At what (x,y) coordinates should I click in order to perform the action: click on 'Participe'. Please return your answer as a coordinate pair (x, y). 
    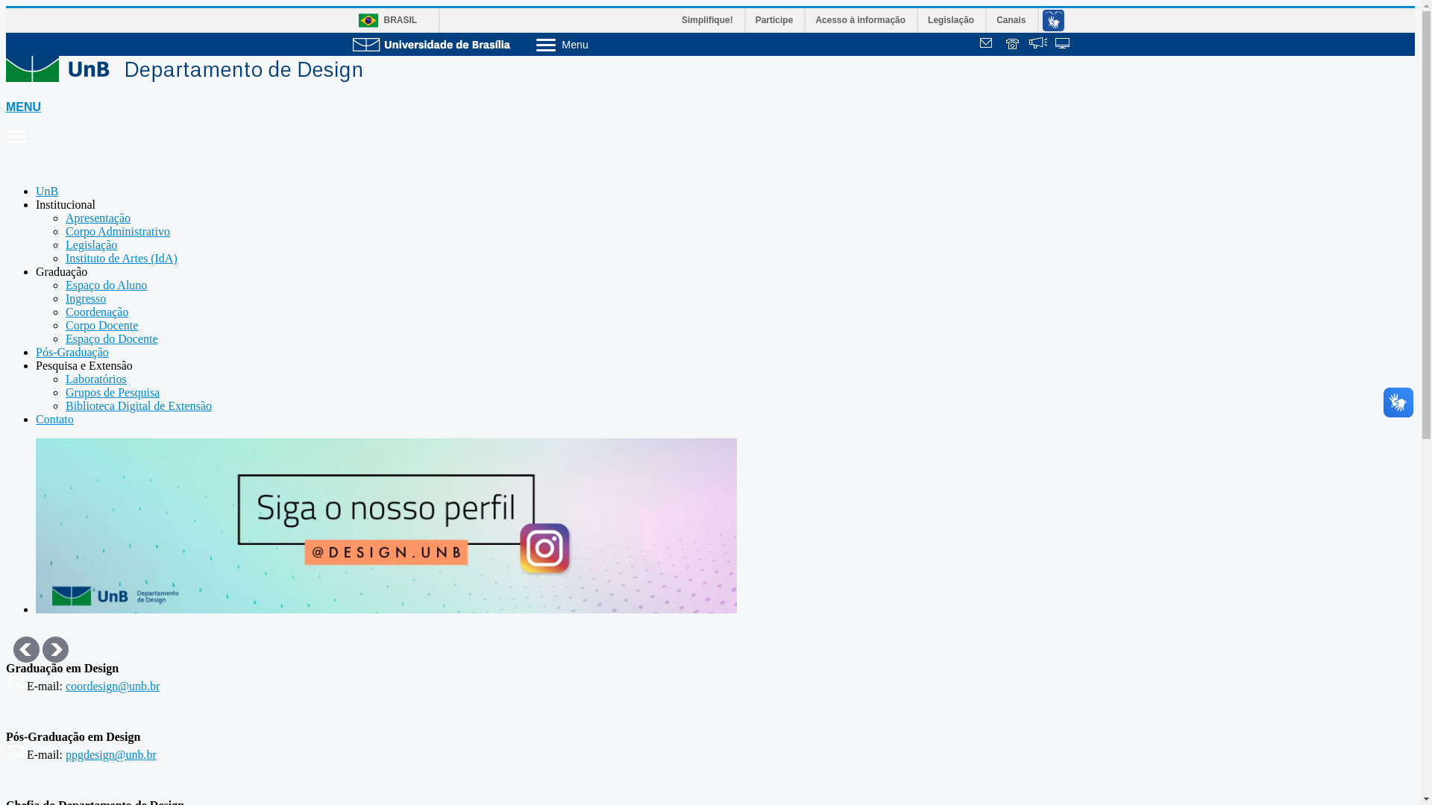
    Looking at the image, I should click on (775, 20).